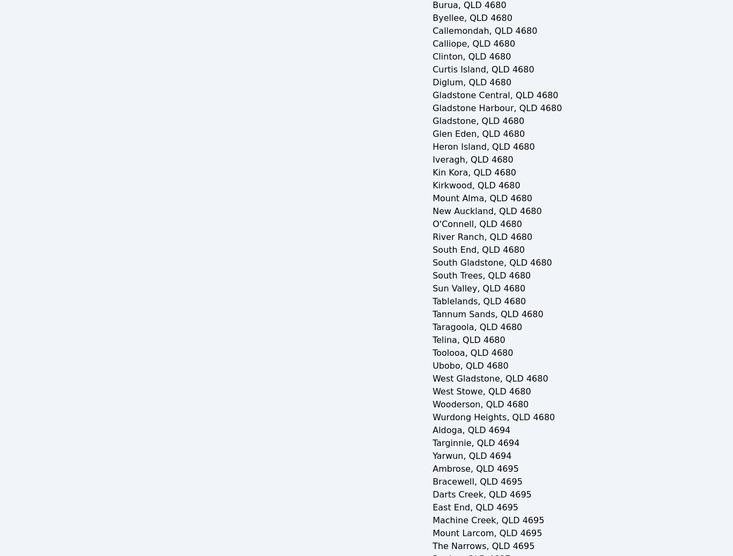 Image resolution: width=733 pixels, height=556 pixels. Describe the element at coordinates (477, 481) in the screenshot. I see `'Bracewell, QLD 4695'` at that location.